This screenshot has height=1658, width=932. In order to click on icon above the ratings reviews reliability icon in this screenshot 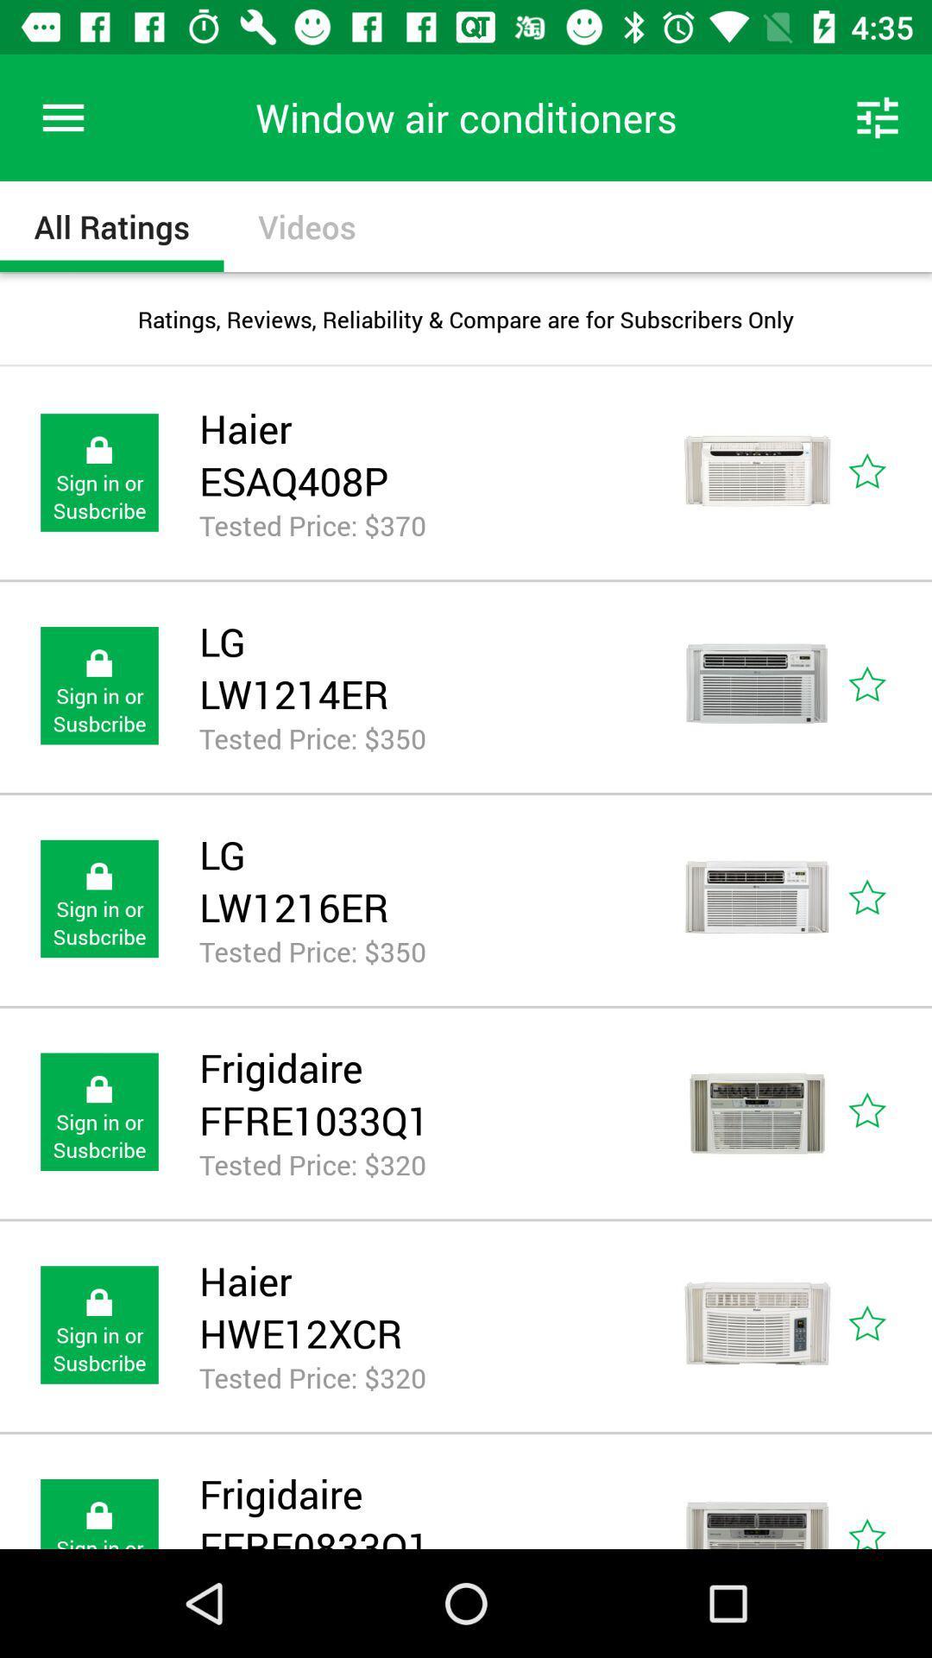, I will do `click(878, 117)`.